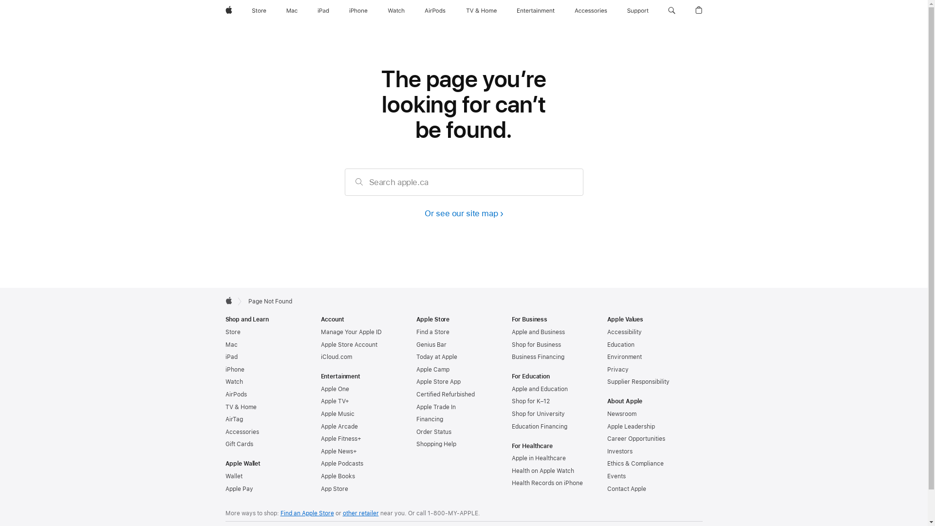 The image size is (935, 526). Describe the element at coordinates (606, 357) in the screenshot. I see `'Environment'` at that location.